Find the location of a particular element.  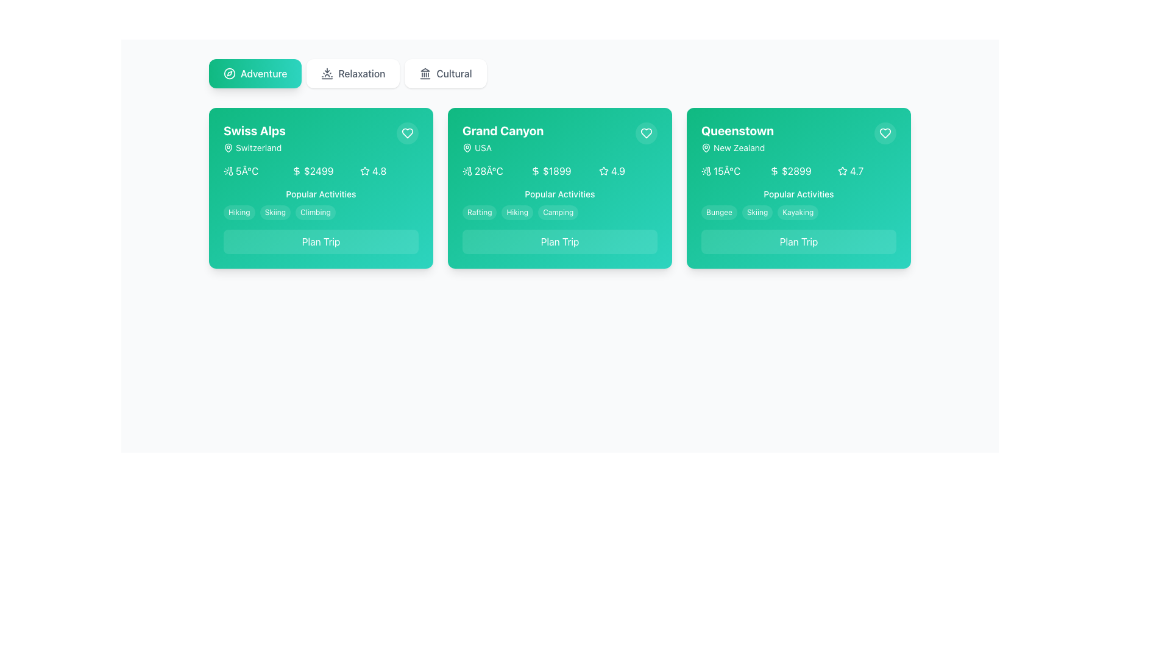

text component displaying 'New Zealand' located beneath the 'Queenstown' heading in the rightmost travel card is located at coordinates (739, 147).